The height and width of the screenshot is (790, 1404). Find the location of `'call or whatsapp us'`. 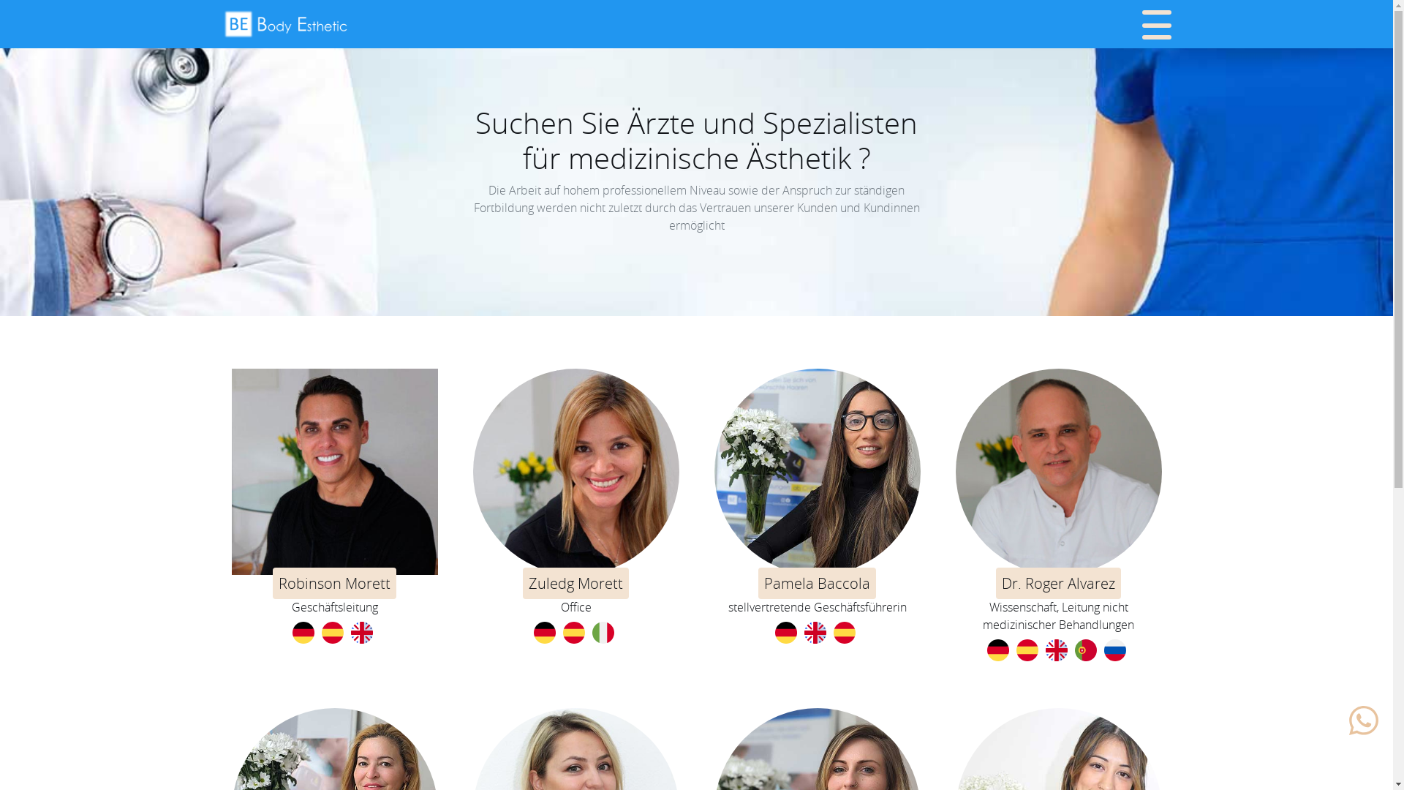

'call or whatsapp us' is located at coordinates (1363, 719).